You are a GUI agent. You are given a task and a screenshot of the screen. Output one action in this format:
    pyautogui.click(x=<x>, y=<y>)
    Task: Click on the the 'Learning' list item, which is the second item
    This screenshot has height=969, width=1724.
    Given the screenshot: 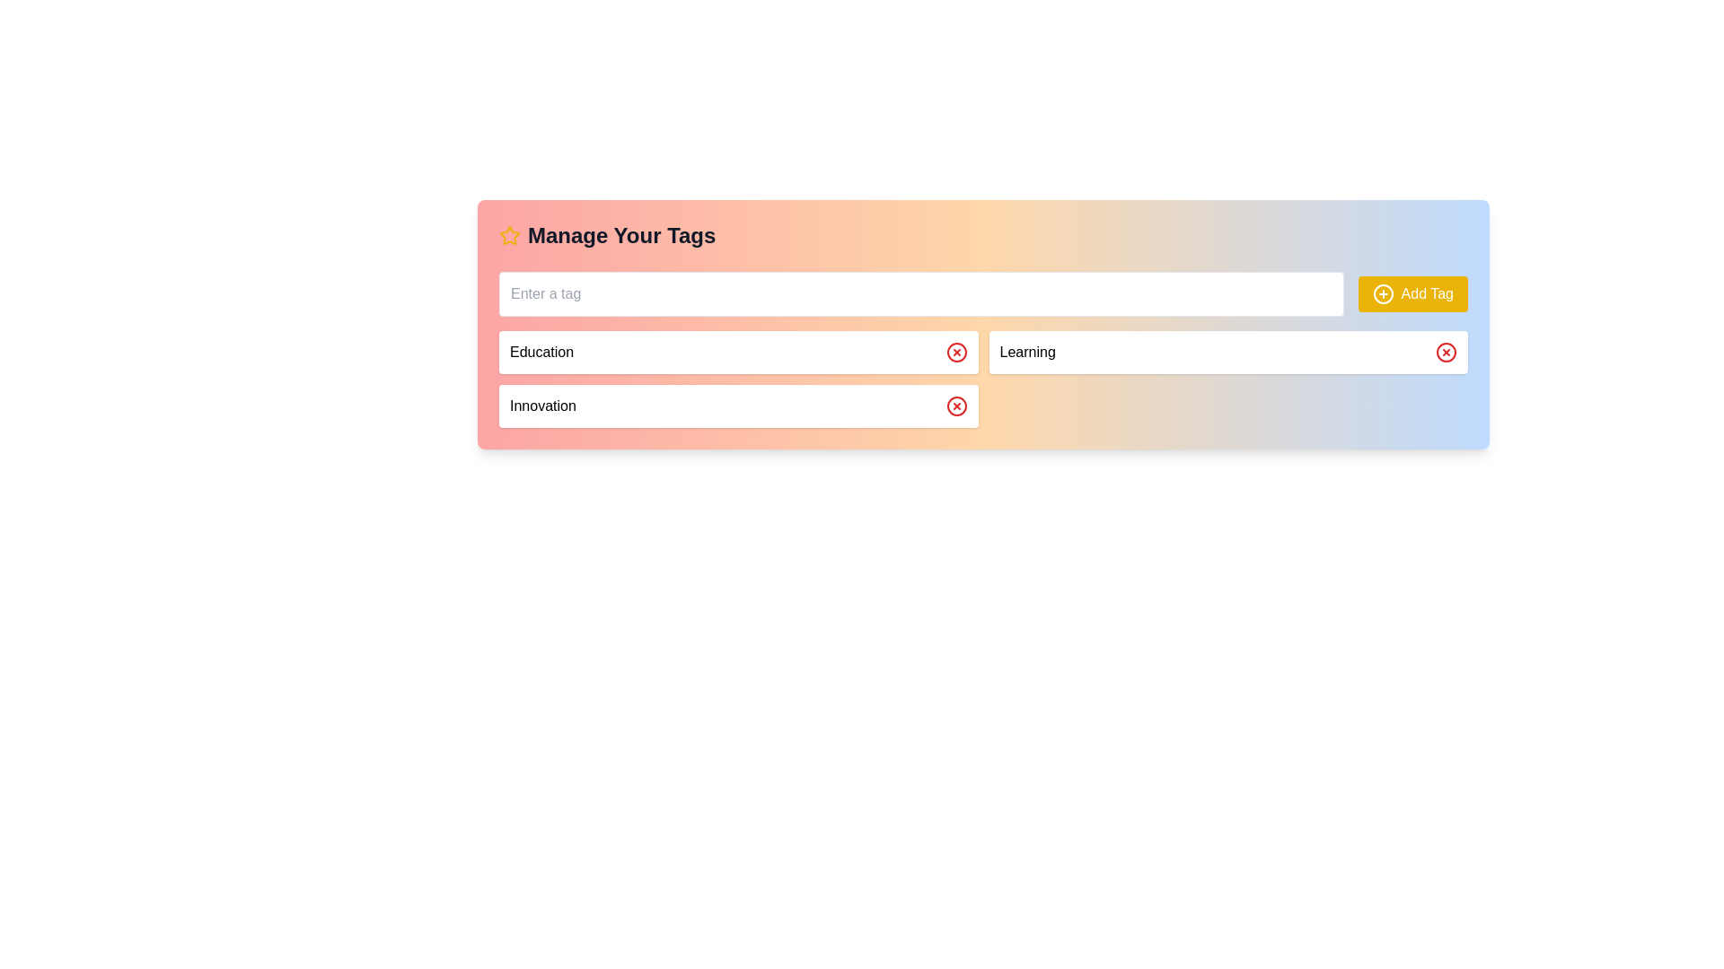 What is the action you would take?
    pyautogui.click(x=1227, y=353)
    